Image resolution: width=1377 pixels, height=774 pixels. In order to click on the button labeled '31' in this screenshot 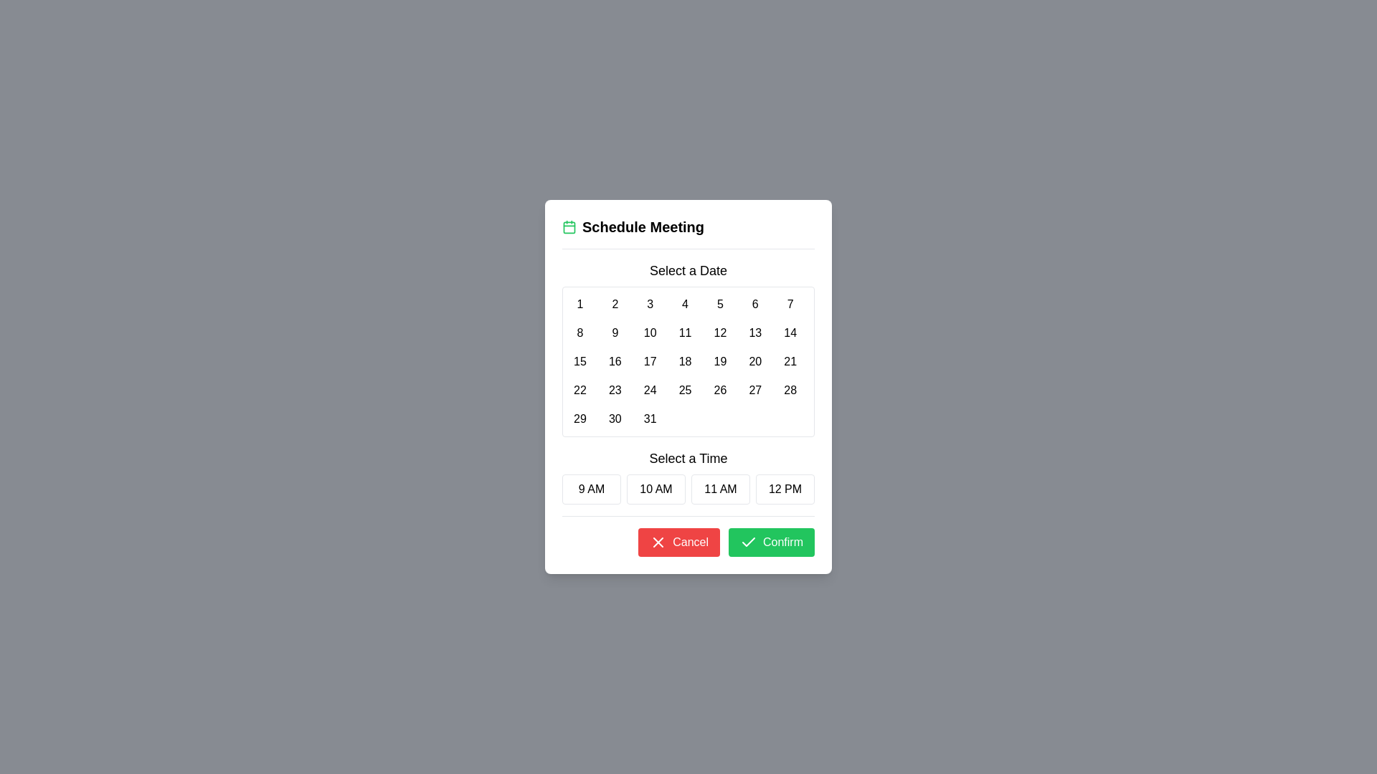, I will do `click(649, 419)`.